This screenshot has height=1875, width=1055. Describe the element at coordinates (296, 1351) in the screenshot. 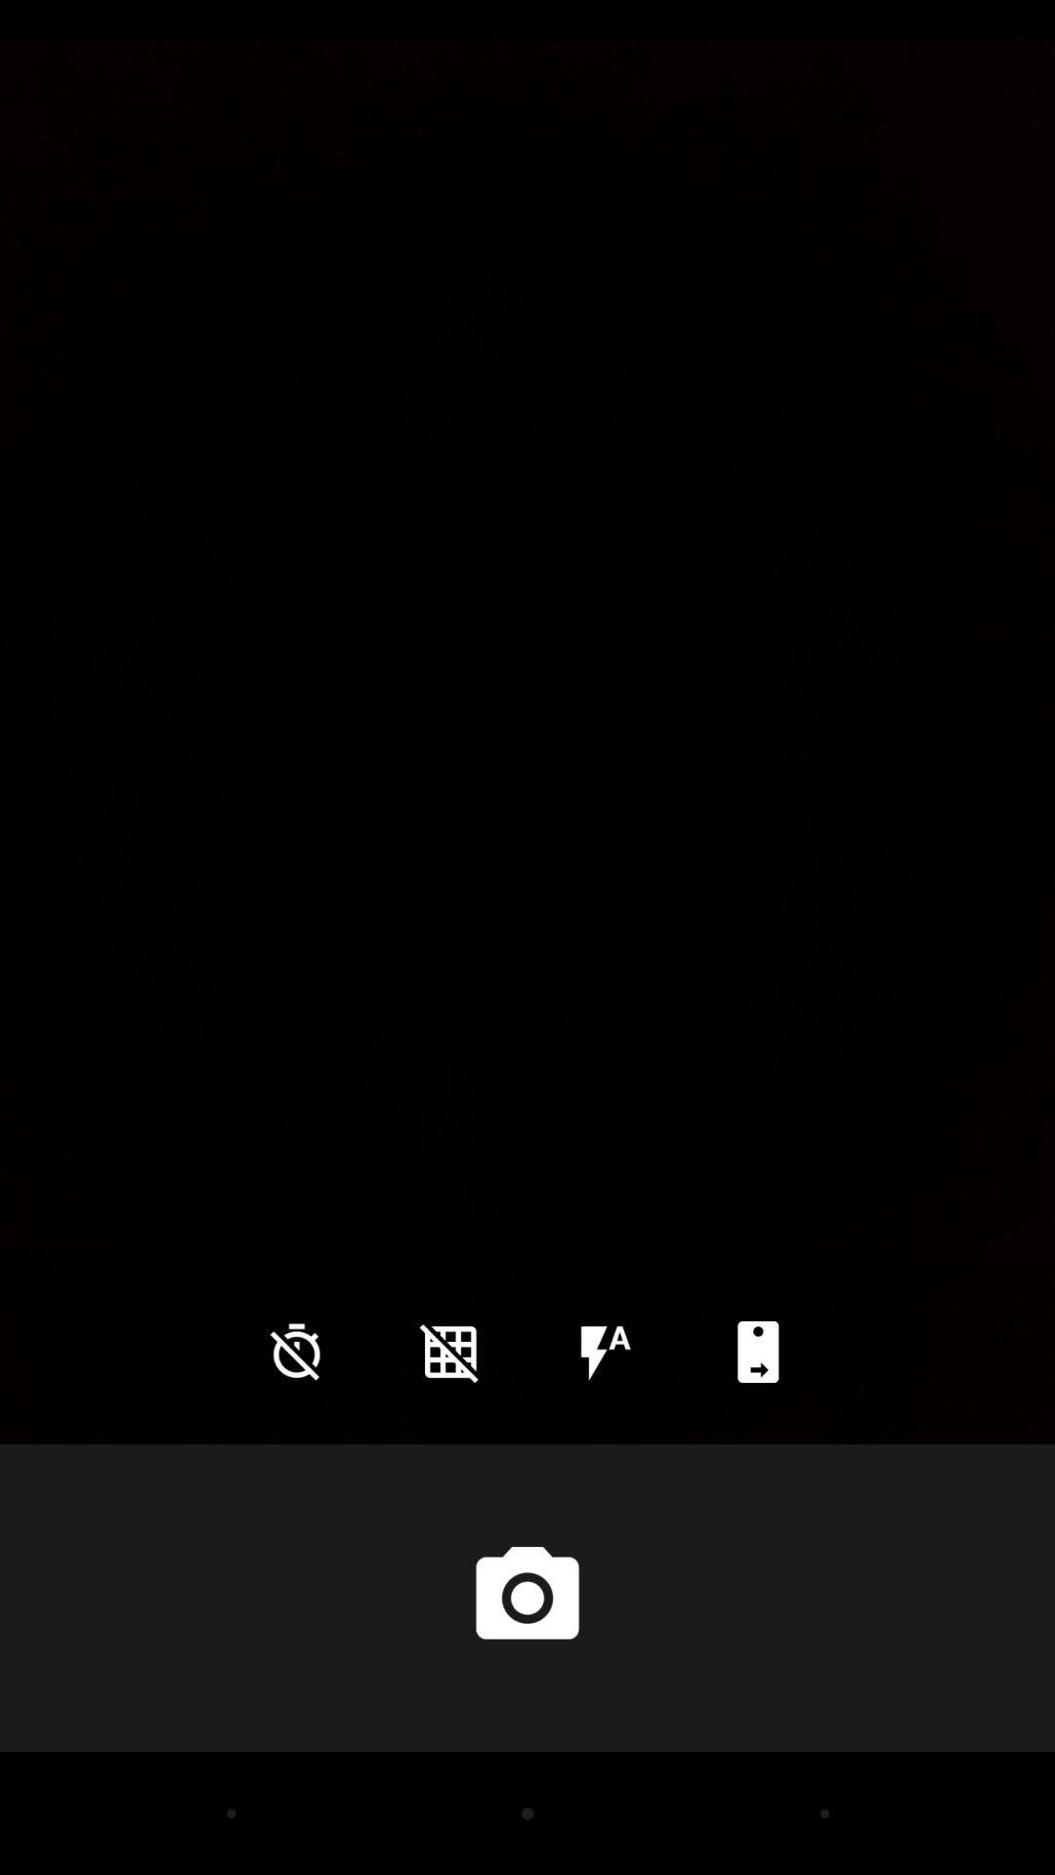

I see `item at the bottom left corner` at that location.